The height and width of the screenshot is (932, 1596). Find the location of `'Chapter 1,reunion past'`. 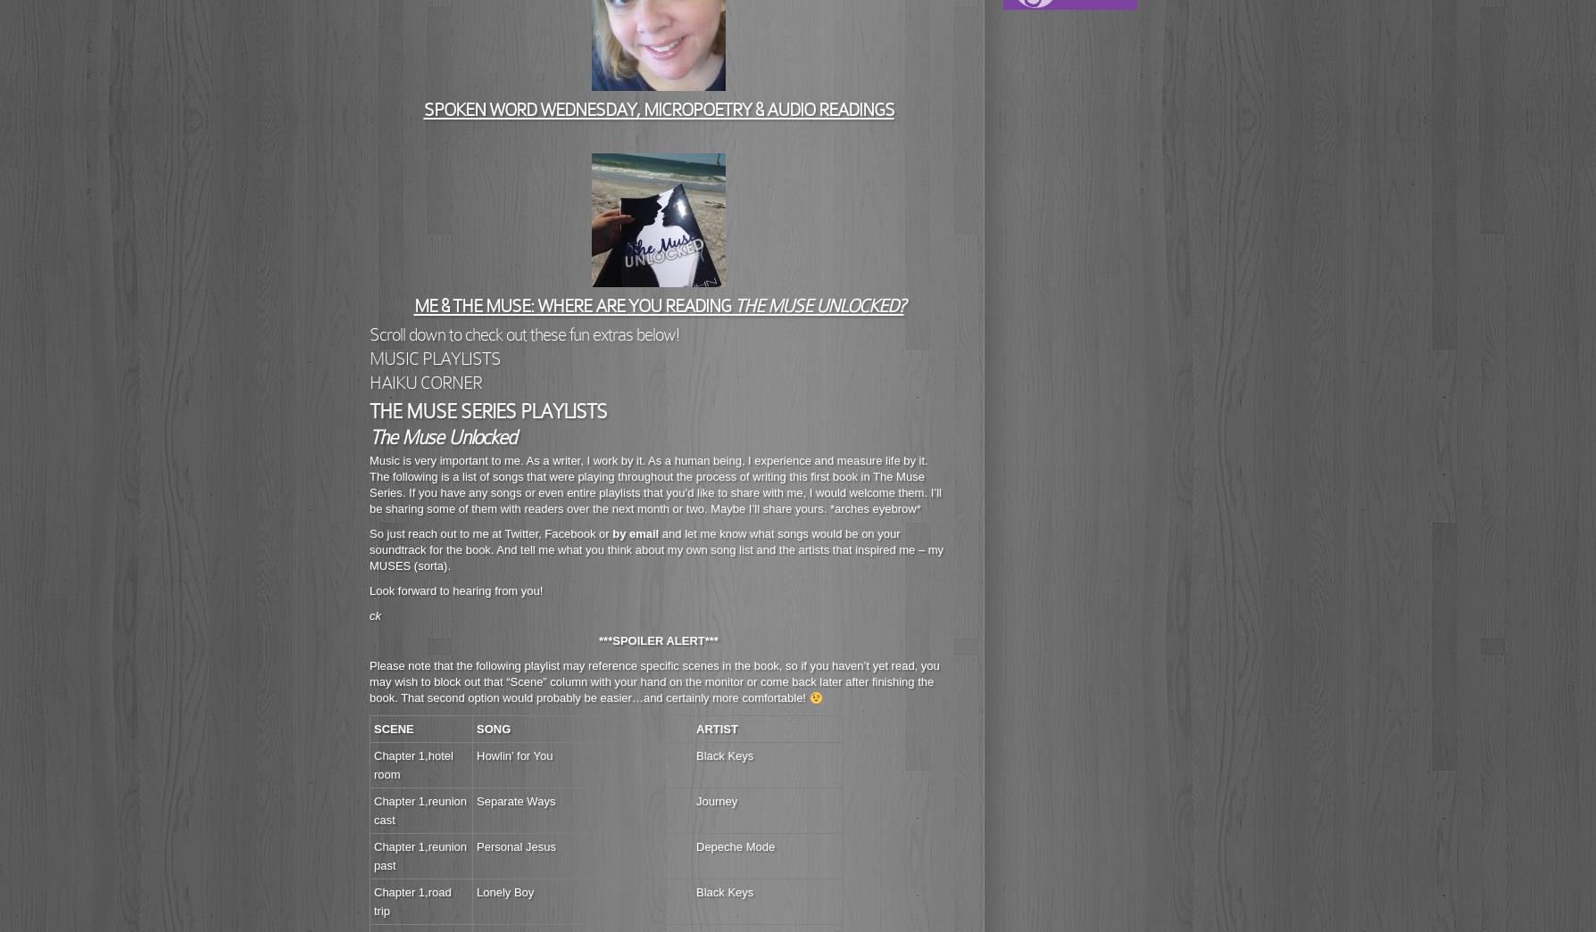

'Chapter 1,reunion past' is located at coordinates (420, 855).